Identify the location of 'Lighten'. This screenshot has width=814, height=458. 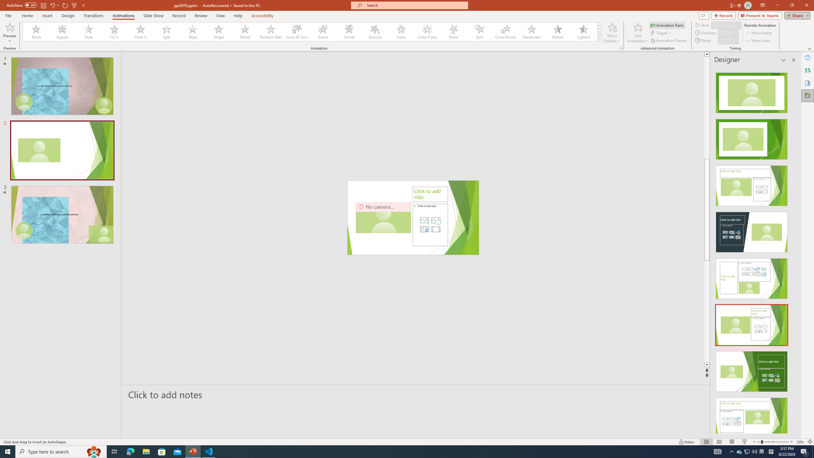
(583, 31).